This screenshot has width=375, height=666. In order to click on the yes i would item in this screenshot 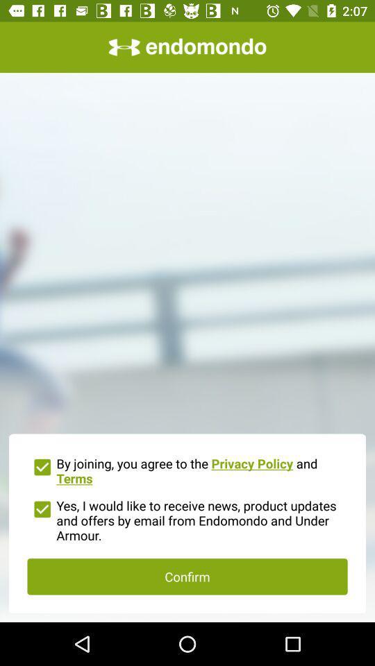, I will do `click(187, 518)`.